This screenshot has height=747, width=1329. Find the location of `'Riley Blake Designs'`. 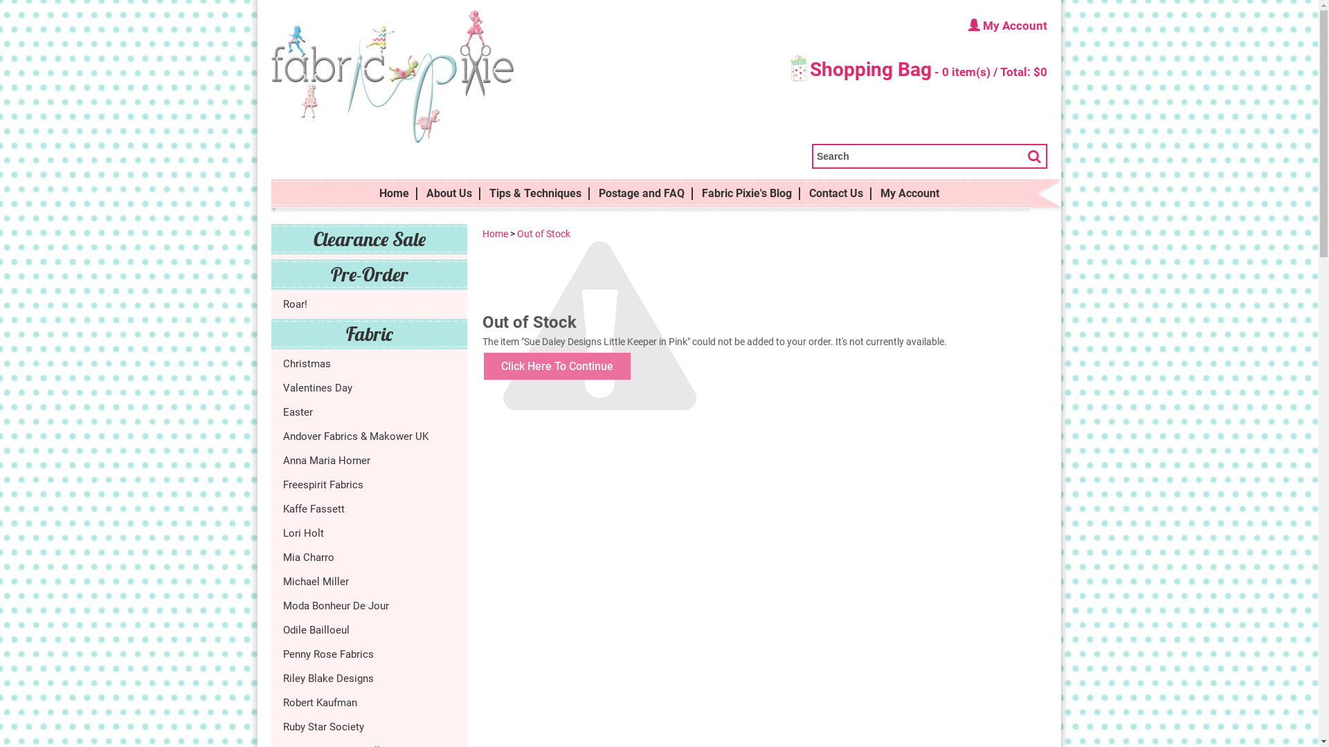

'Riley Blake Designs' is located at coordinates (369, 676).